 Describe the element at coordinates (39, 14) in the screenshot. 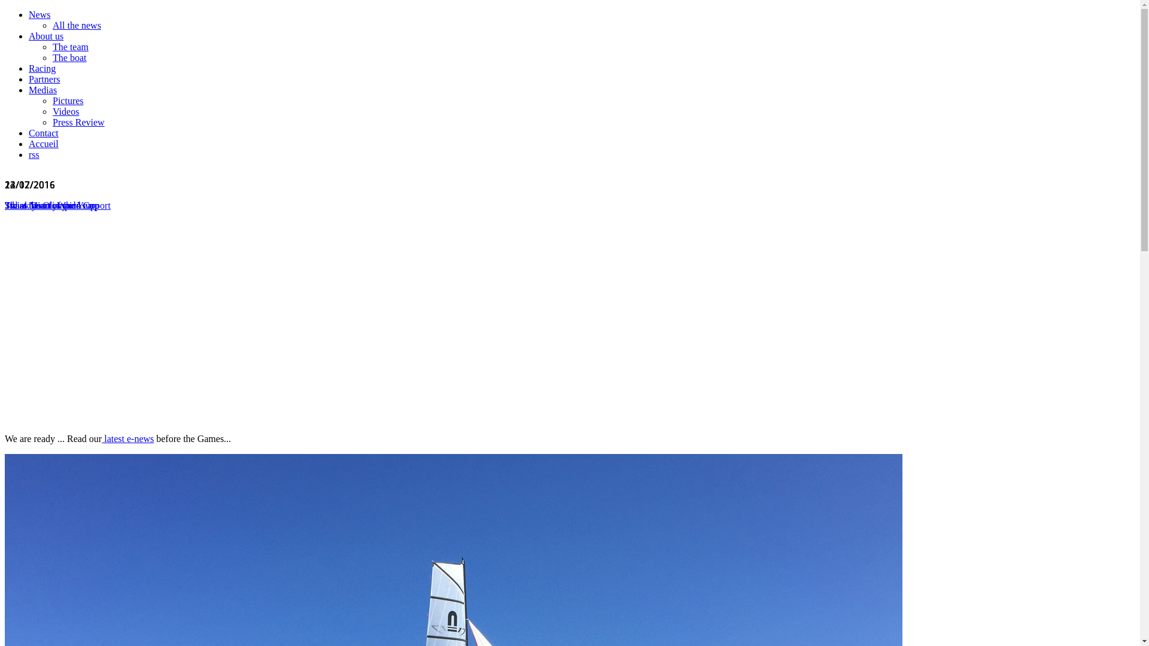

I see `'News'` at that location.